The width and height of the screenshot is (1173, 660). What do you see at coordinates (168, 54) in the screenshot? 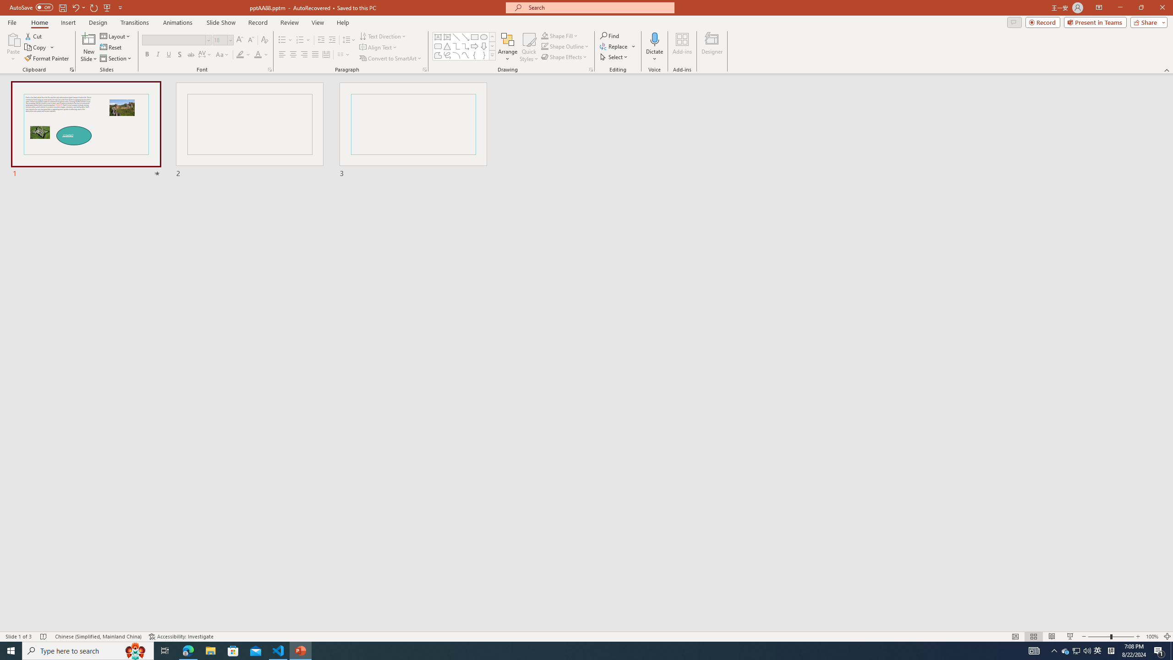
I see `'Underline'` at bounding box center [168, 54].